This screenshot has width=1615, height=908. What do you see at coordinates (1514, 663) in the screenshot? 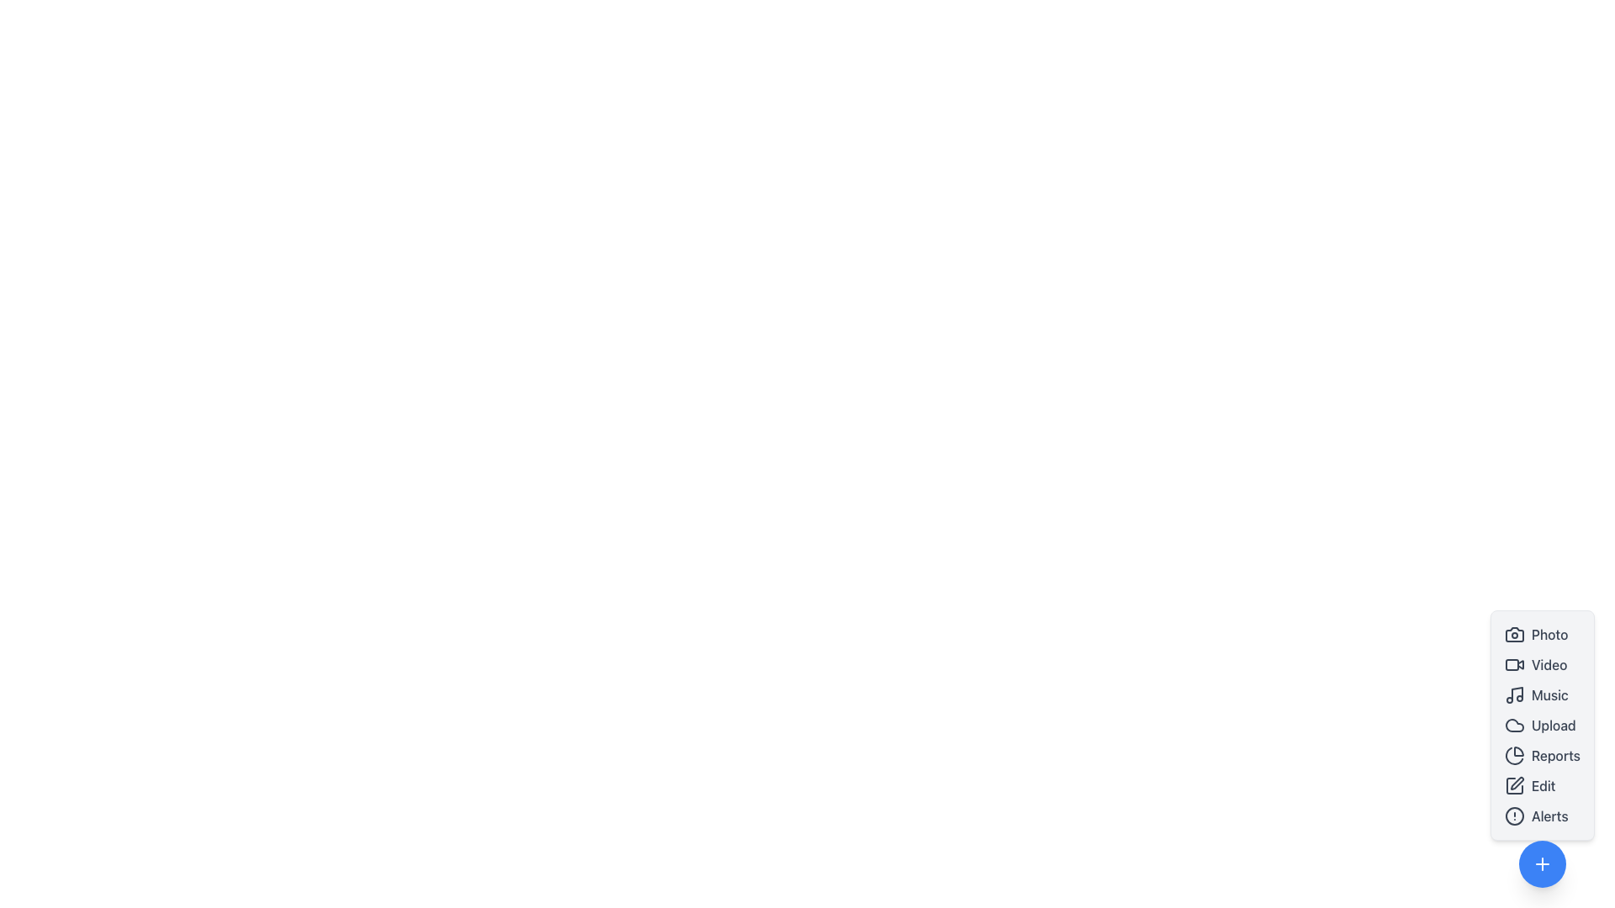
I see `the video icon` at bounding box center [1514, 663].